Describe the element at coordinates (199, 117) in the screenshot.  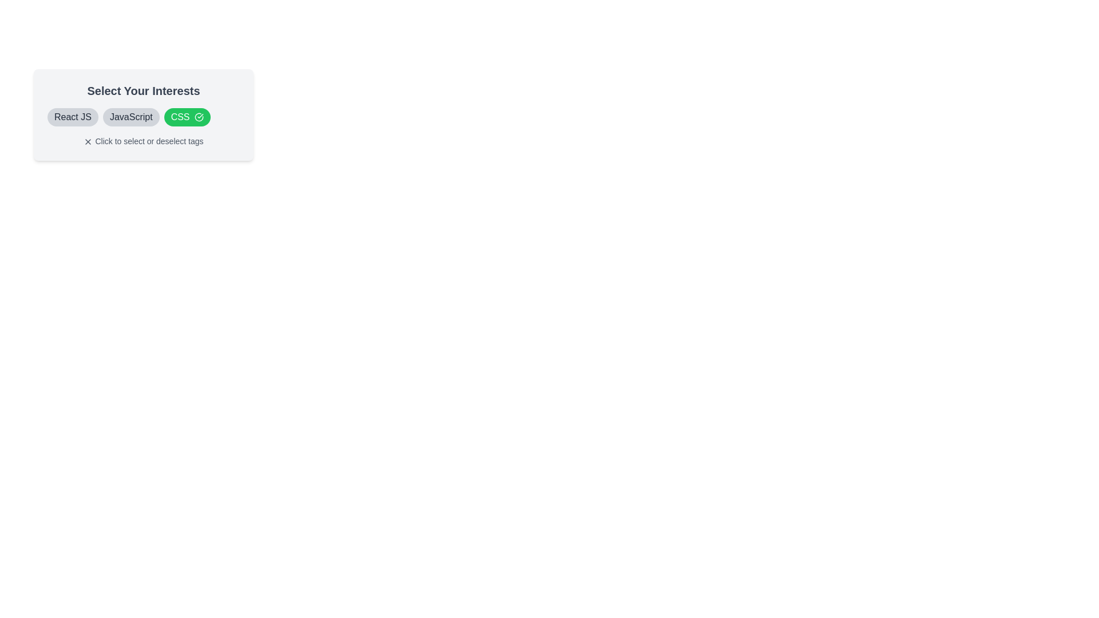
I see `the SVG check mark icon inside the green rounded rectangle` at that location.